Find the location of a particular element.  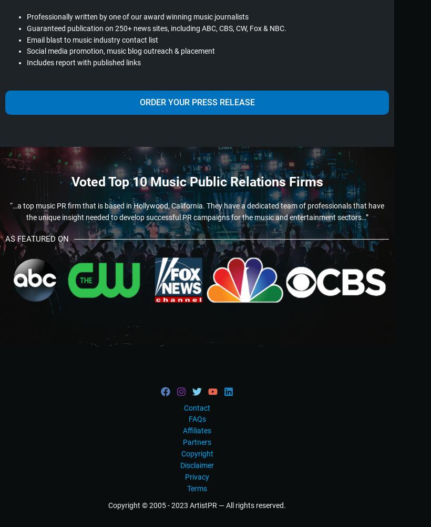

'Social media promotion, music blog outreach & placement' is located at coordinates (120, 50).